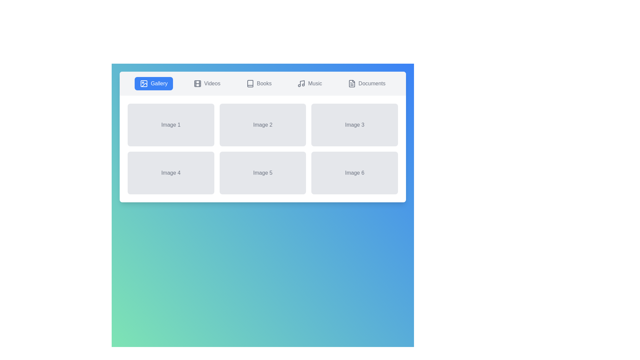  Describe the element at coordinates (302, 83) in the screenshot. I see `the vertical line element within the Music icon in the top navigation bar` at that location.